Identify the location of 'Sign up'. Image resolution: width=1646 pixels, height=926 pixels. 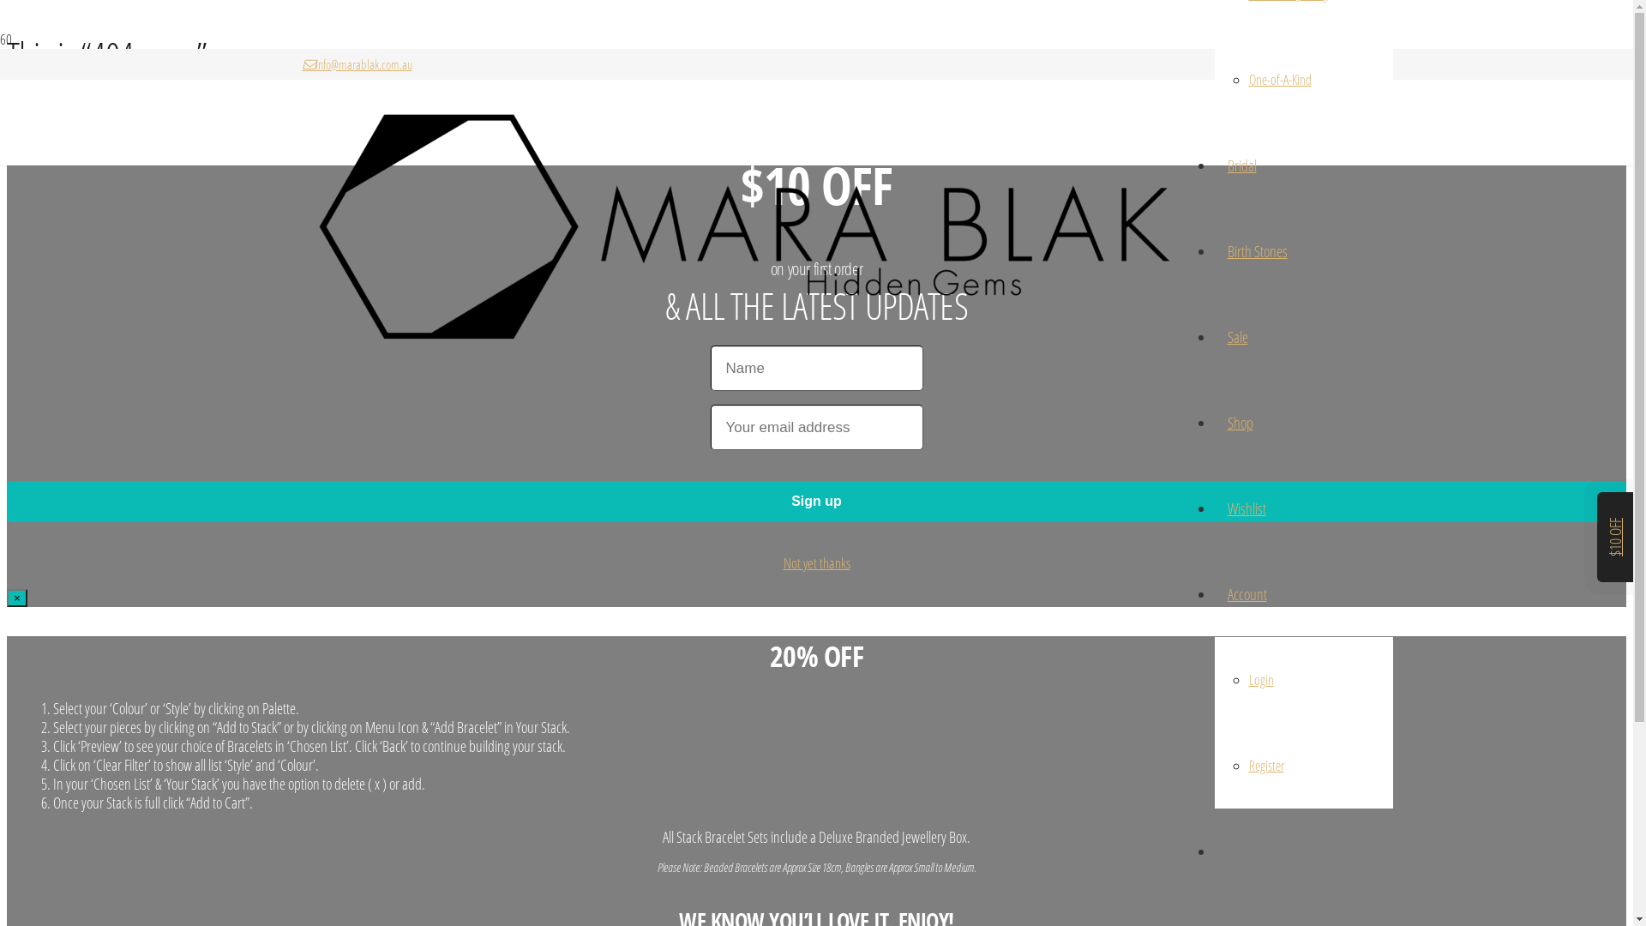
(815, 502).